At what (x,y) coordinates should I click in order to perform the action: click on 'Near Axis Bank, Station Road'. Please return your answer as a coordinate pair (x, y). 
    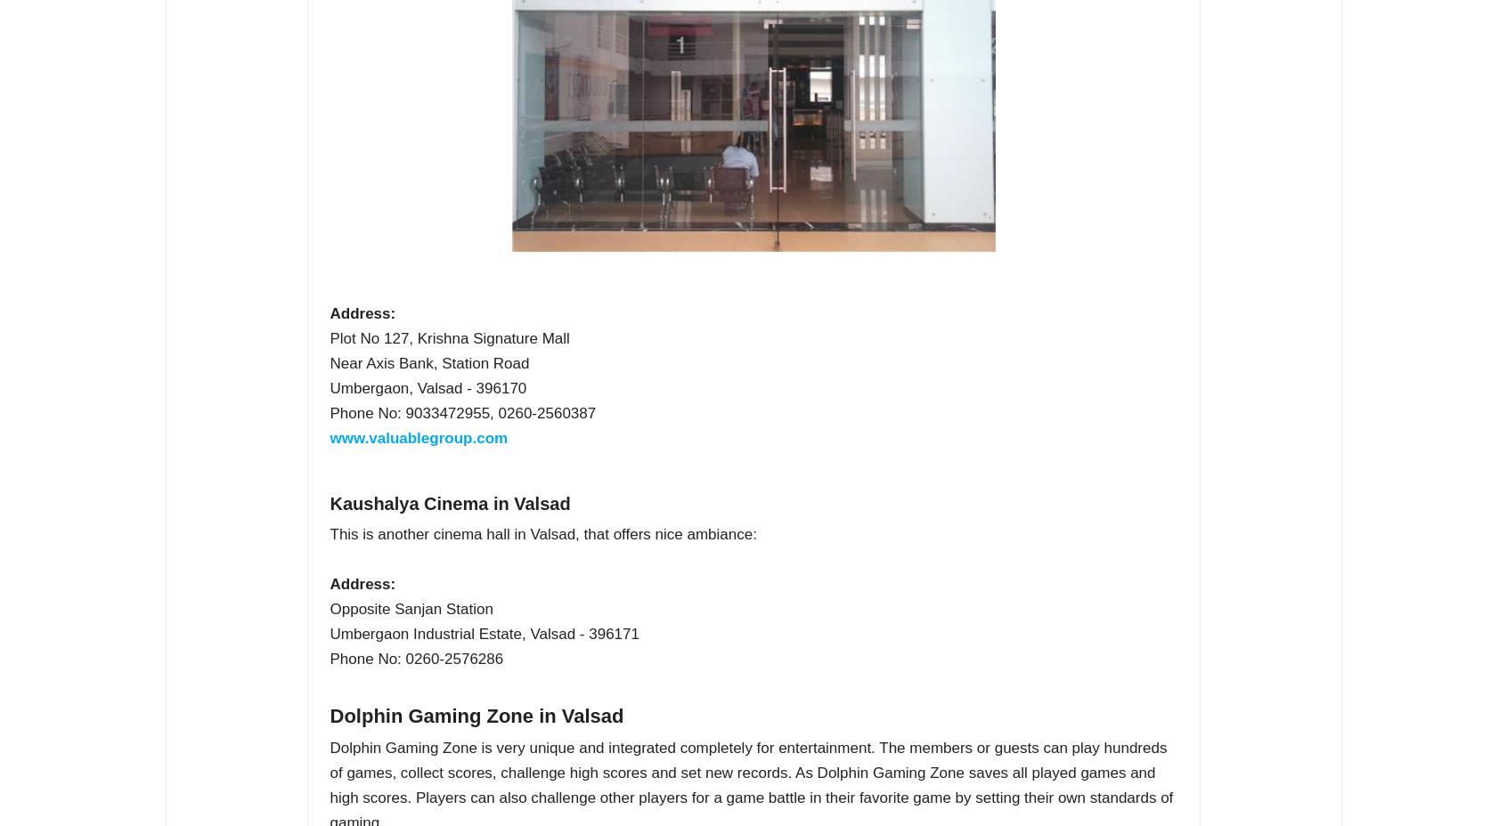
    Looking at the image, I should click on (428, 363).